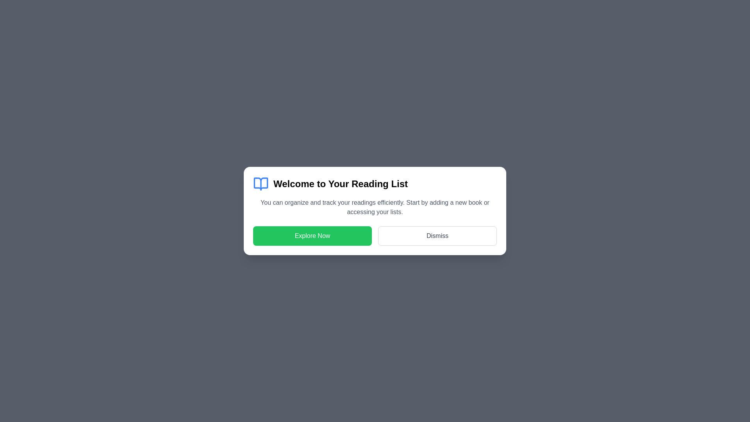  What do you see at coordinates (437, 236) in the screenshot?
I see `the 'Dismiss' button to close the dialog` at bounding box center [437, 236].